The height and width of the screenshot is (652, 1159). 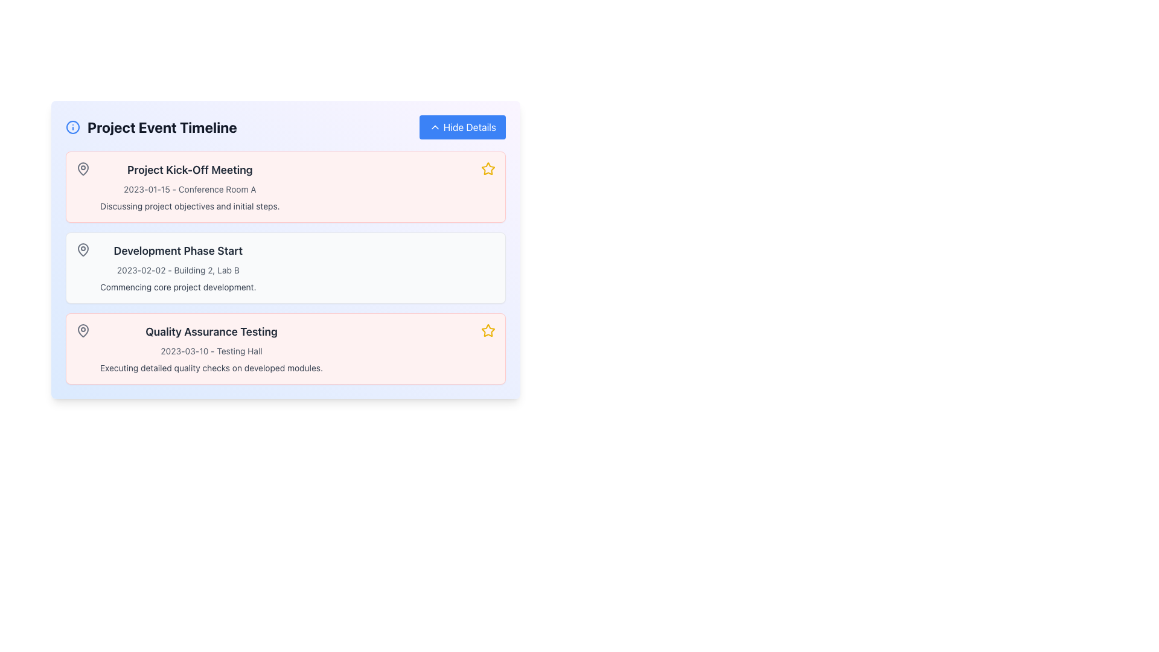 I want to click on the Card component displaying event details with the title 'Quality Assurance Testing' located in the 'Project Event Timeline' list, so click(x=285, y=349).